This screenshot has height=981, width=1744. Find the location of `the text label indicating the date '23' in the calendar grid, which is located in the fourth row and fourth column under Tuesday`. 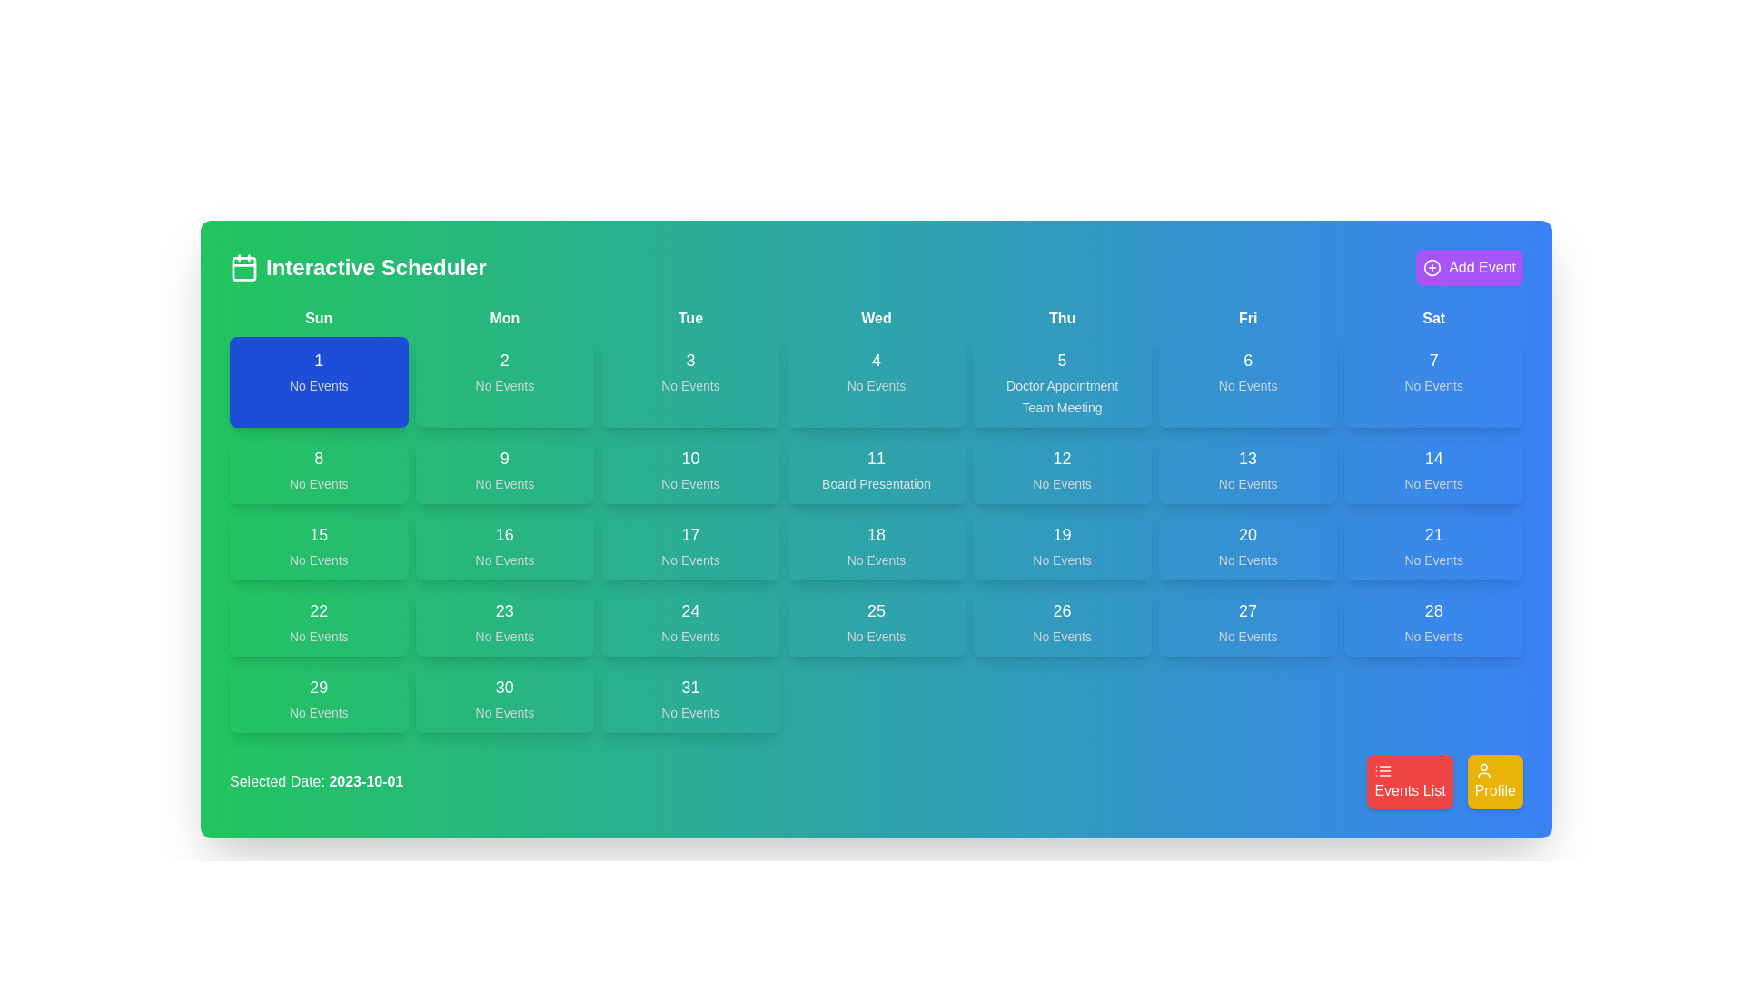

the text label indicating the date '23' in the calendar grid, which is located in the fourth row and fourth column under Tuesday is located at coordinates (504, 610).